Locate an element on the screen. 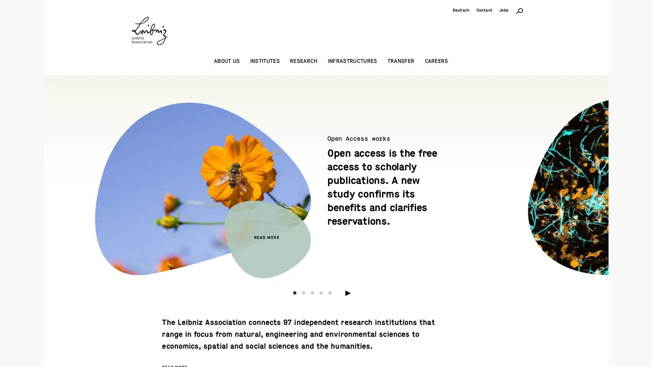 Image resolution: width=652 pixels, height=367 pixels. CAREERS is located at coordinates (436, 61).